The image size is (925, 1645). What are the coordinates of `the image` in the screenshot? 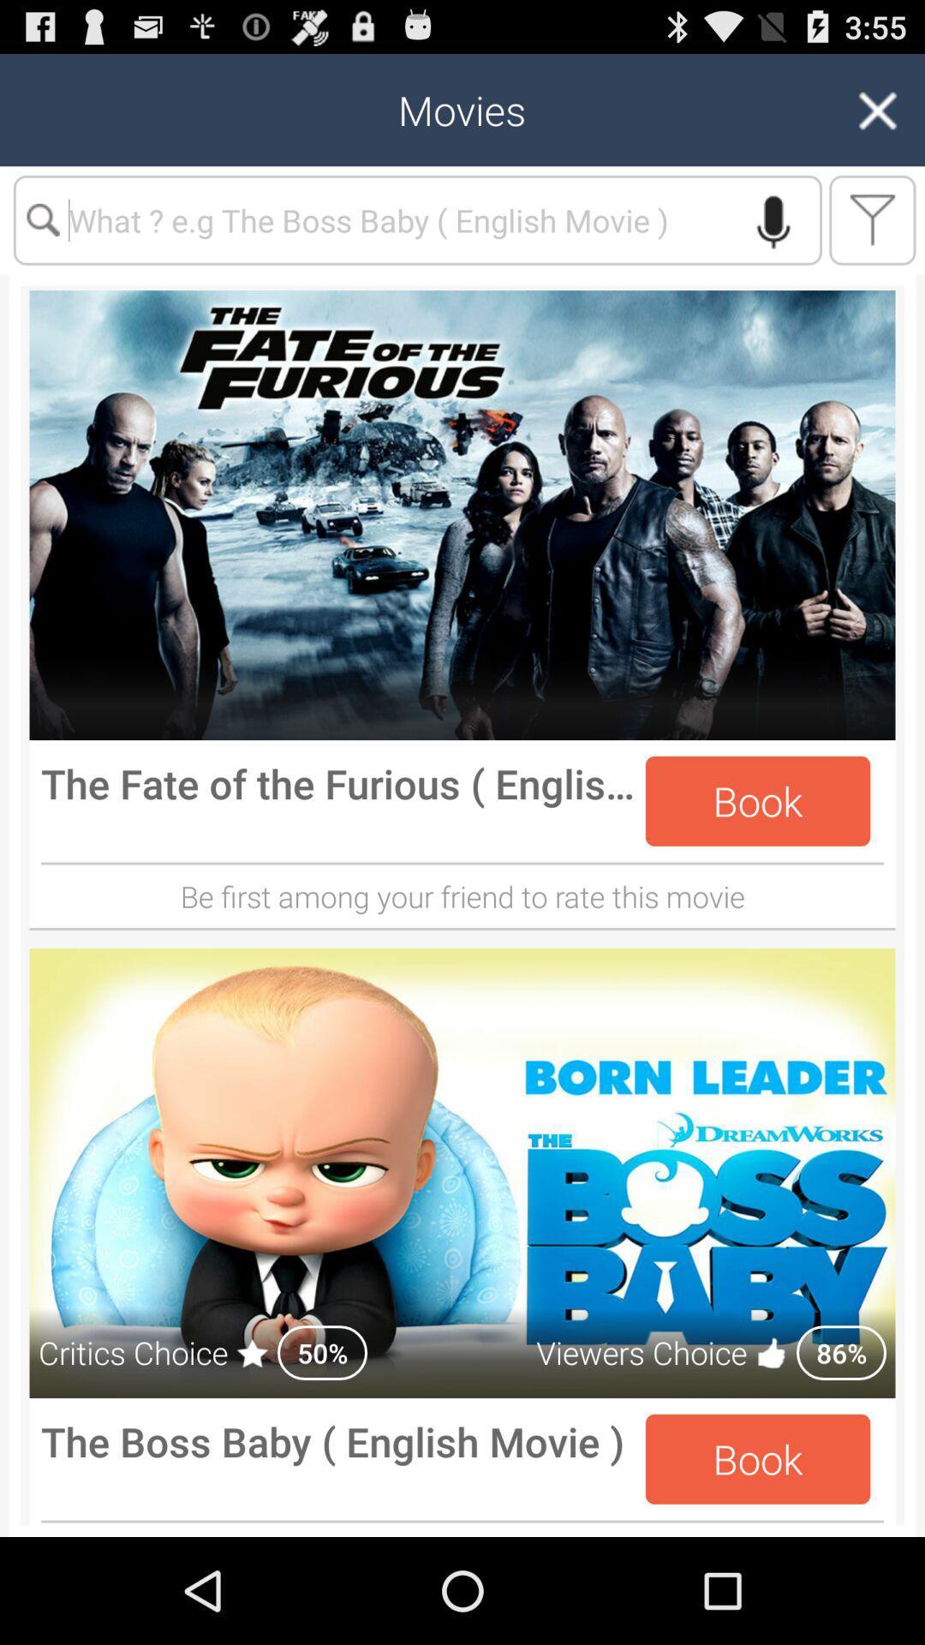 It's located at (462, 514).